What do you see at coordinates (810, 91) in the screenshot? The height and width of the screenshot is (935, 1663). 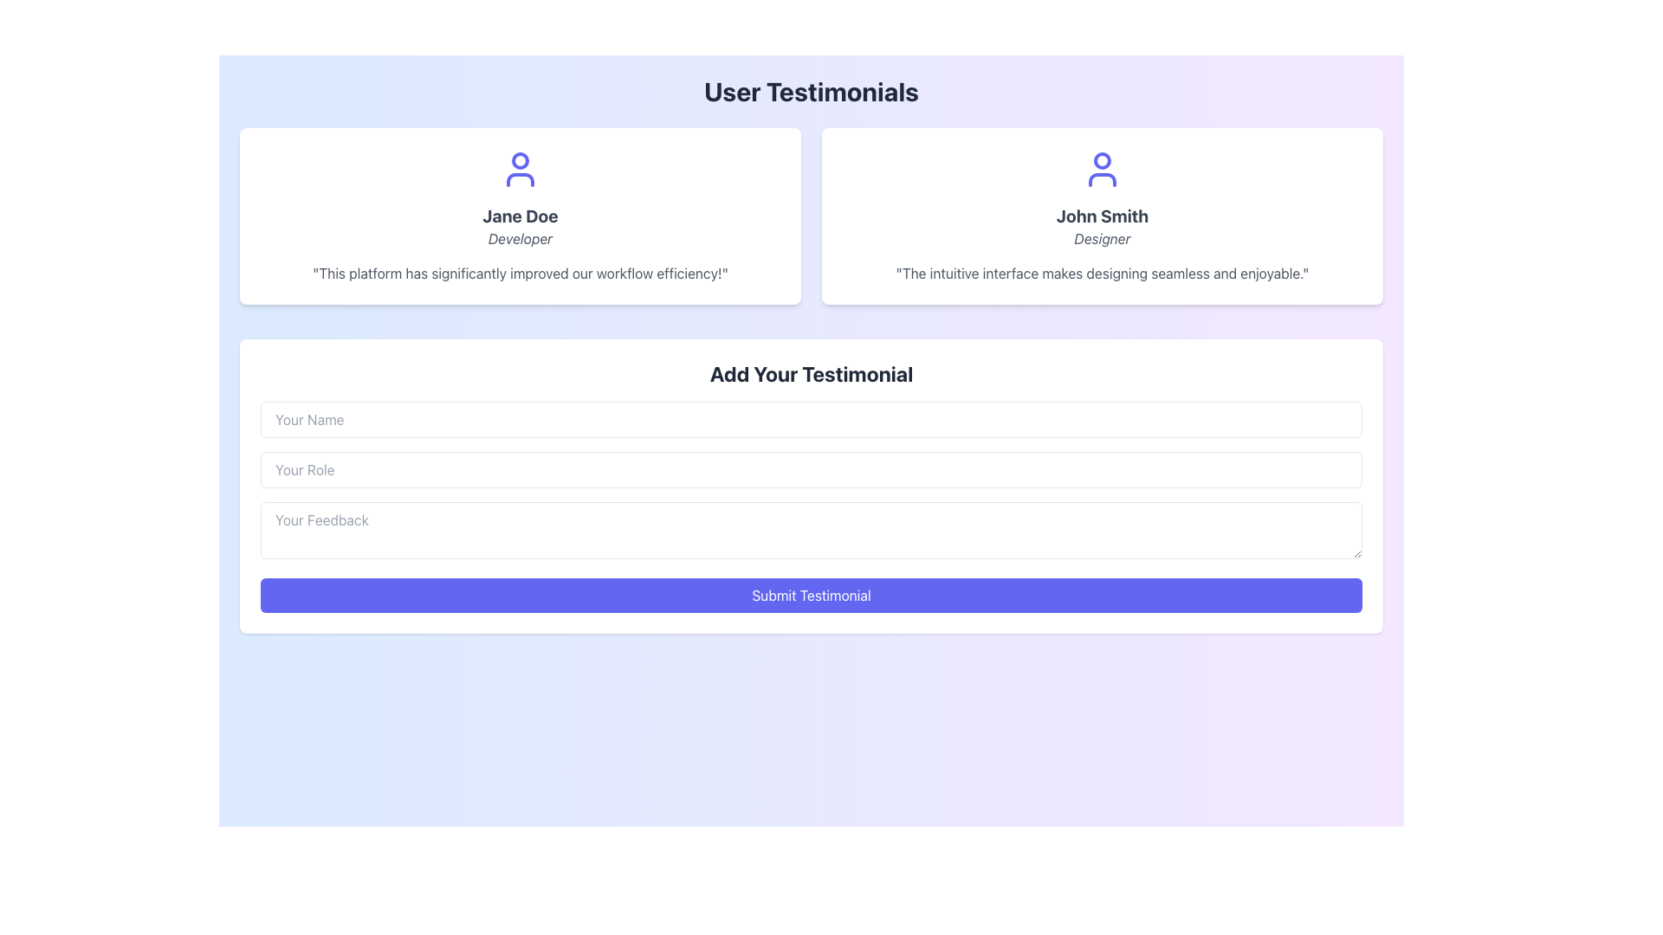 I see `the large text label displaying 'User Testimonials', which is styled in bold and positioned at the top-center of its section, serving as a header` at bounding box center [810, 91].